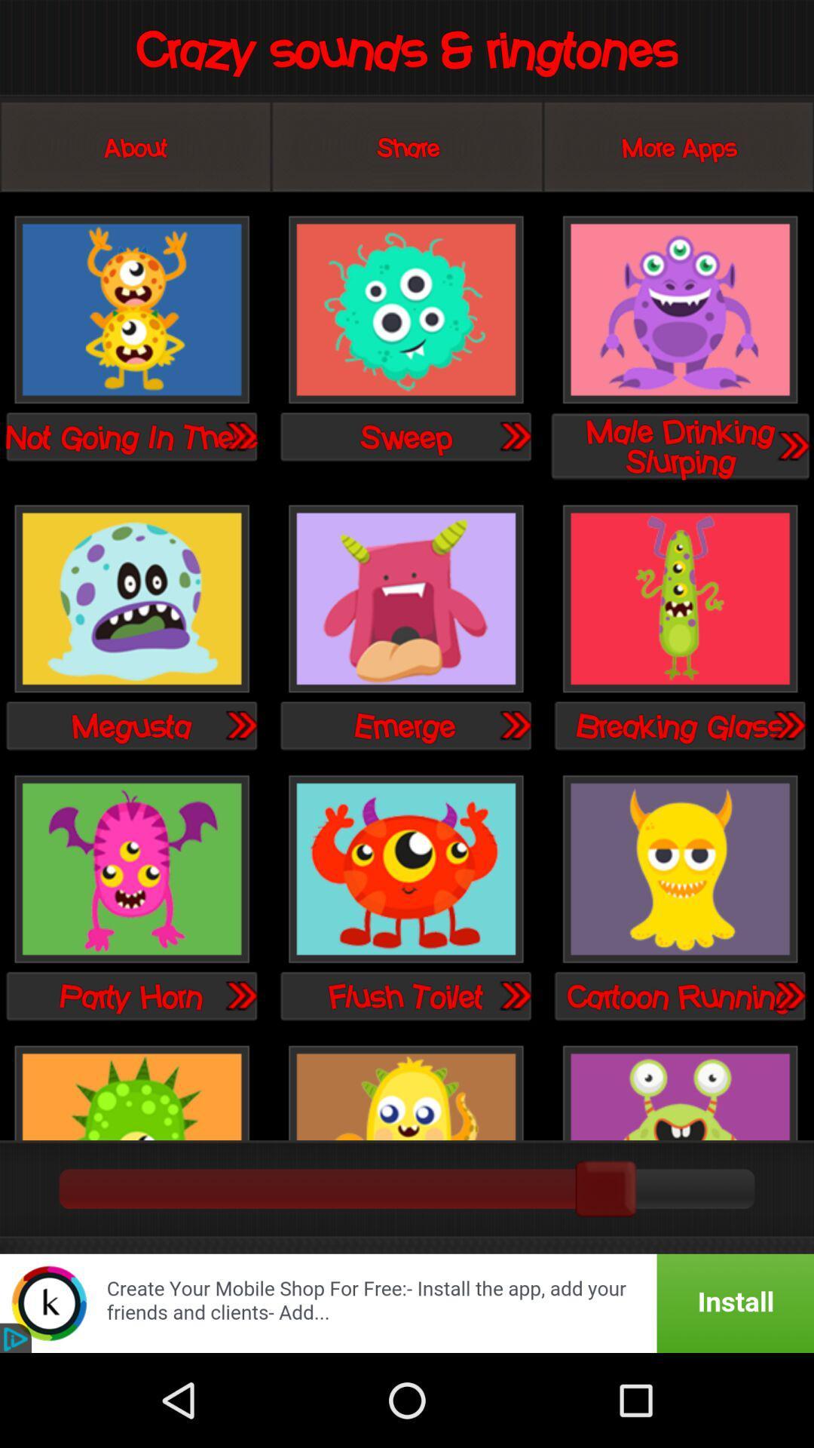 Image resolution: width=814 pixels, height=1448 pixels. What do you see at coordinates (240, 435) in the screenshot?
I see `go next` at bounding box center [240, 435].